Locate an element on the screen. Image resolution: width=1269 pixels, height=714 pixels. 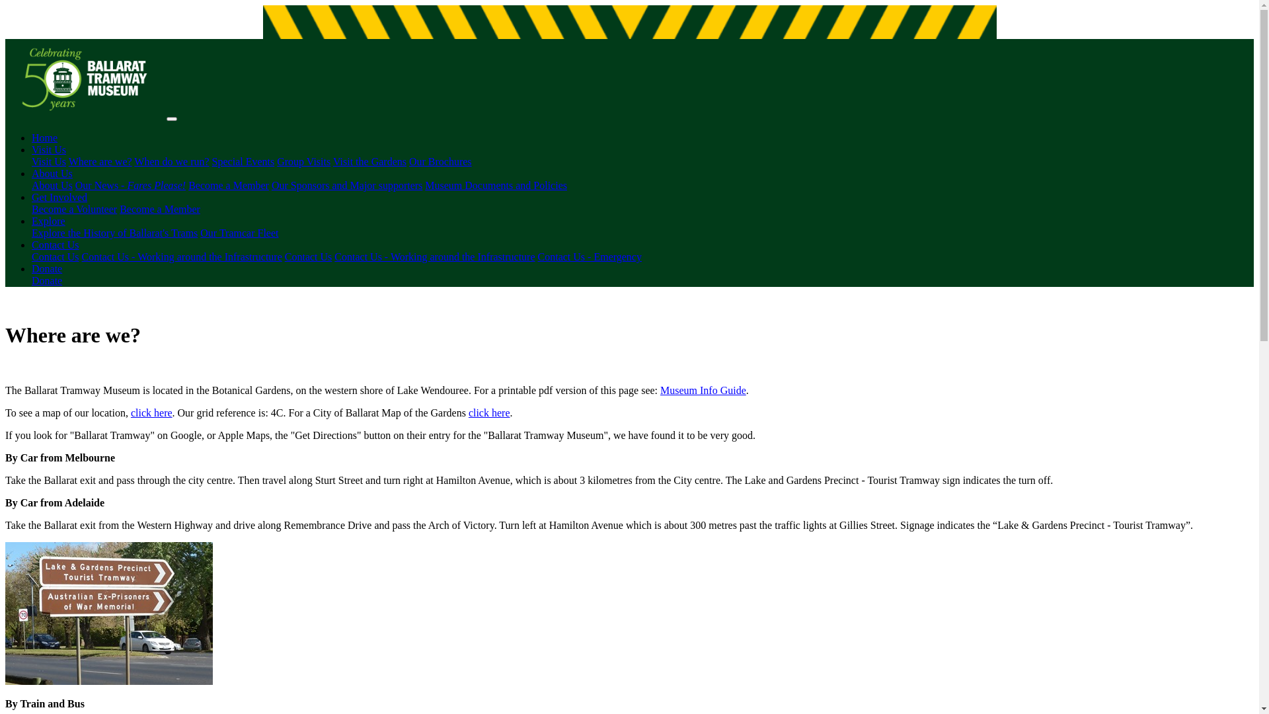
'Visit Us' is located at coordinates (32, 161).